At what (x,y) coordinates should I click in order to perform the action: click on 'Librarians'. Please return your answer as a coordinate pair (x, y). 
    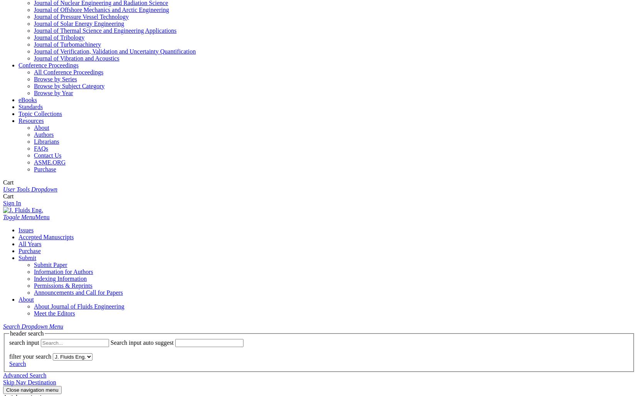
    Looking at the image, I should click on (33, 141).